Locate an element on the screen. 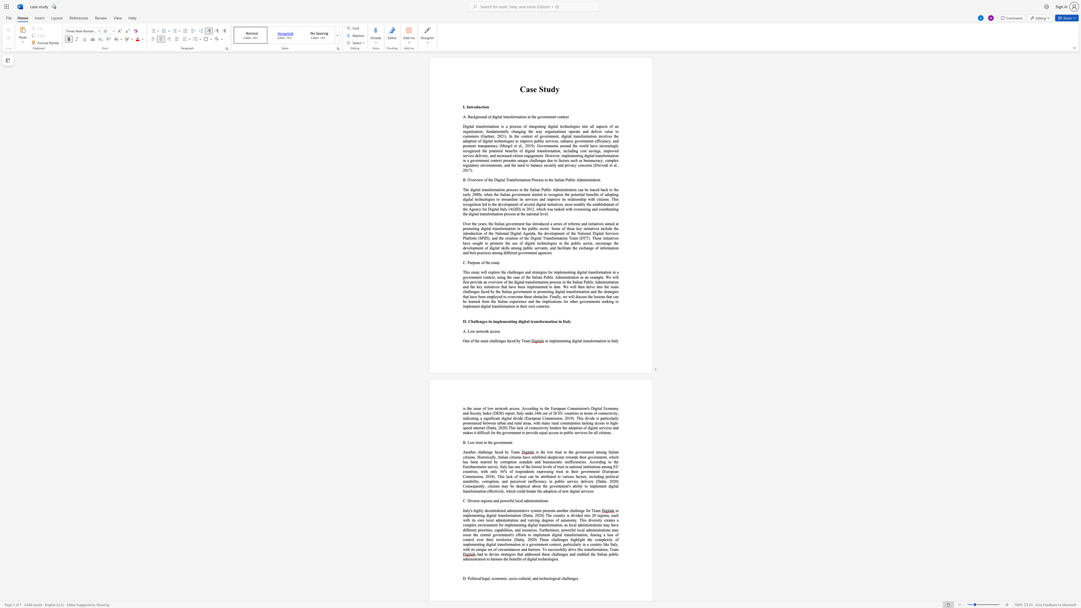 Image resolution: width=1081 pixels, height=608 pixels. the subset text "option of digital services and makes it difficult for" within the text "lack of connectivity hinders the adoption of digital services and makes it difficult for the government to provide equal access to public services for all citizens." is located at coordinates (572, 427).